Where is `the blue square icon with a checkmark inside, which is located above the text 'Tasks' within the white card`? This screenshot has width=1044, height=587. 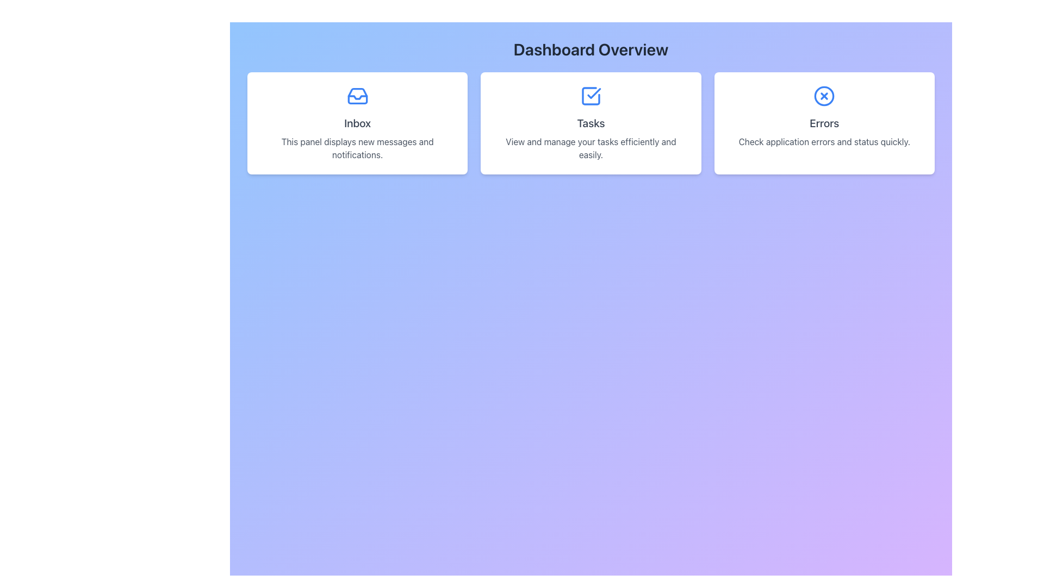 the blue square icon with a checkmark inside, which is located above the text 'Tasks' within the white card is located at coordinates (590, 96).